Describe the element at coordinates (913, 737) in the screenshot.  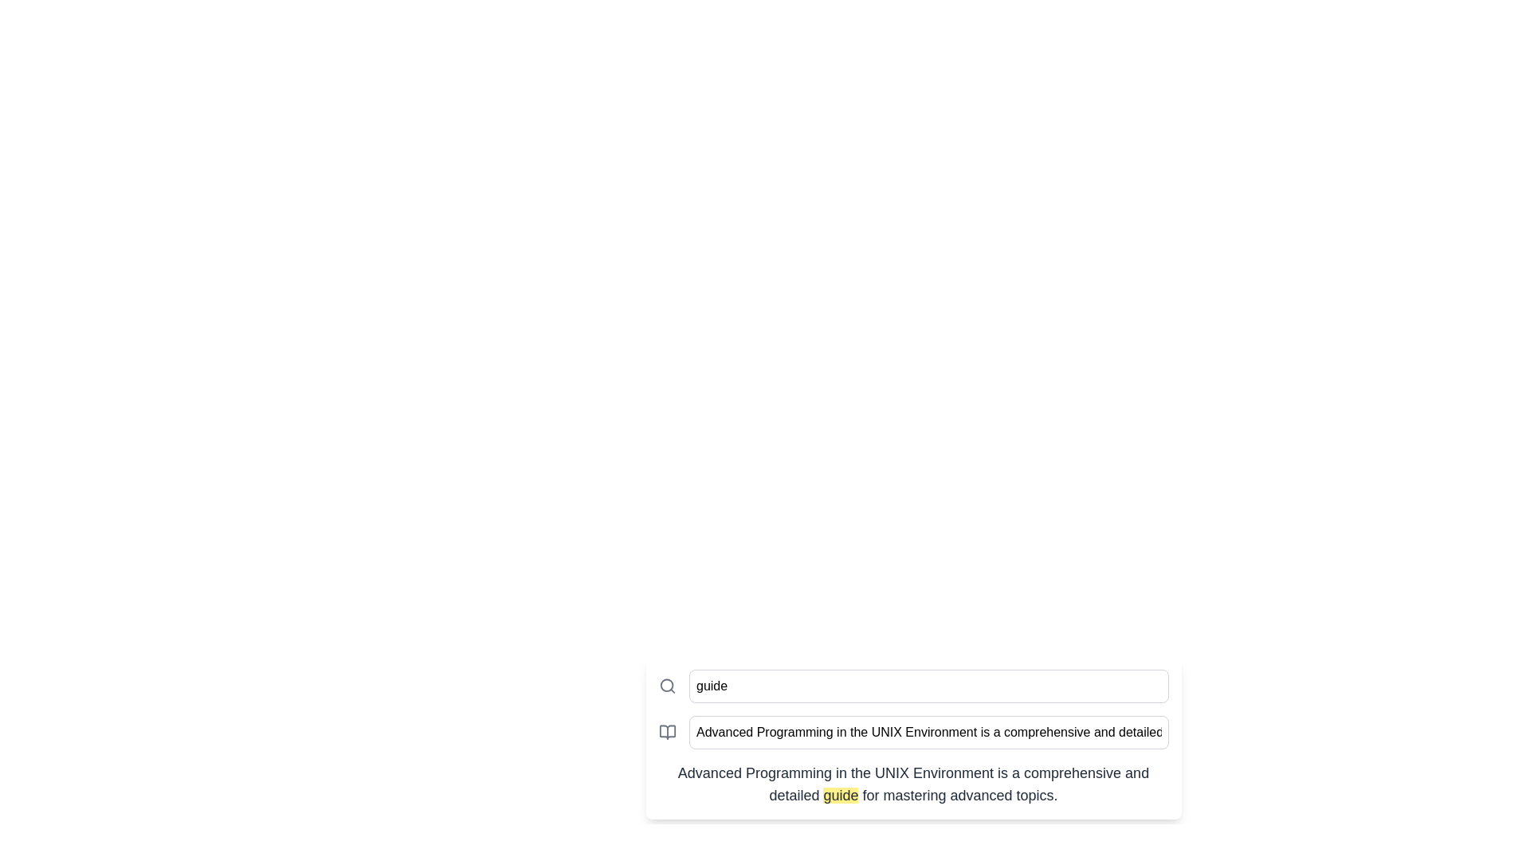
I see `the Static Text Element located below the search bar and above the highlighted body of text` at that location.